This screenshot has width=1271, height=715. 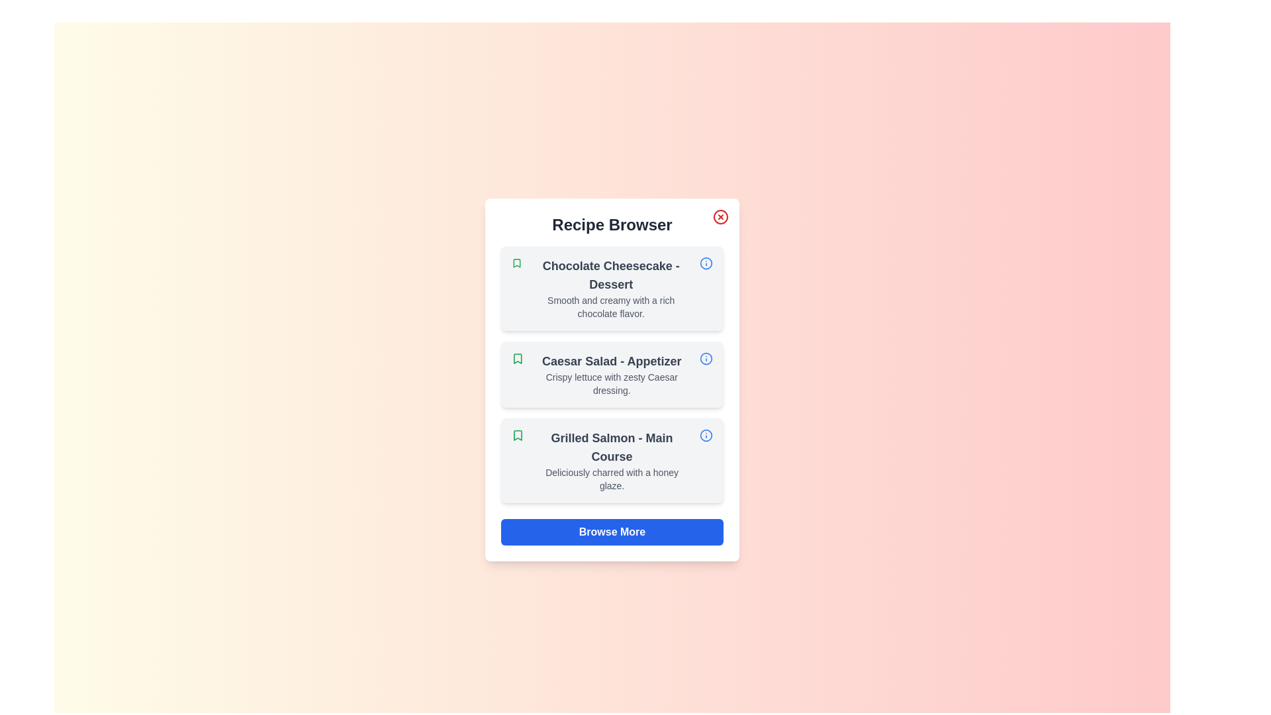 I want to click on the bookmark icon for the recipe titled 'Caesar Salad', so click(x=517, y=359).